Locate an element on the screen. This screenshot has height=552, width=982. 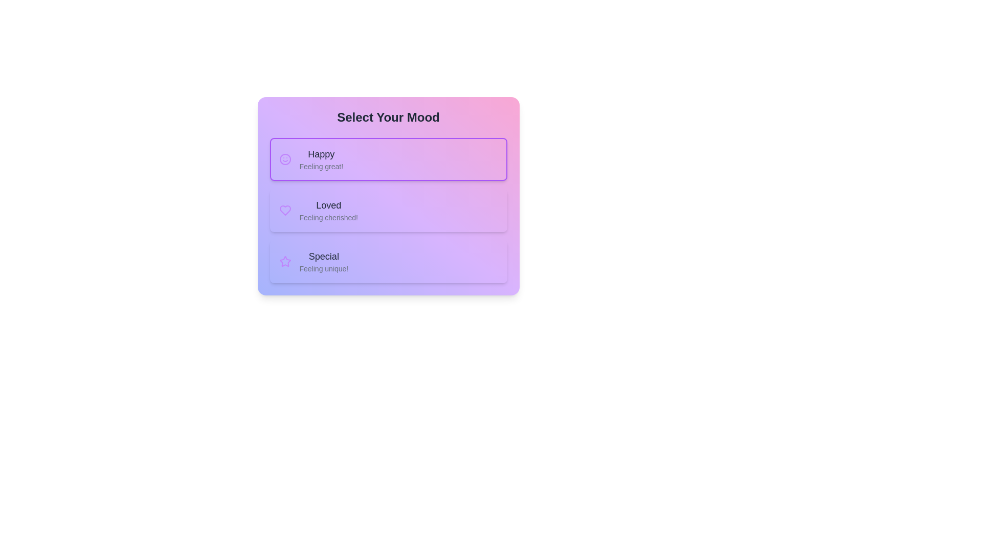
the third item in the vertically aligned mood selection list, labeled 'Special' is located at coordinates (323, 261).